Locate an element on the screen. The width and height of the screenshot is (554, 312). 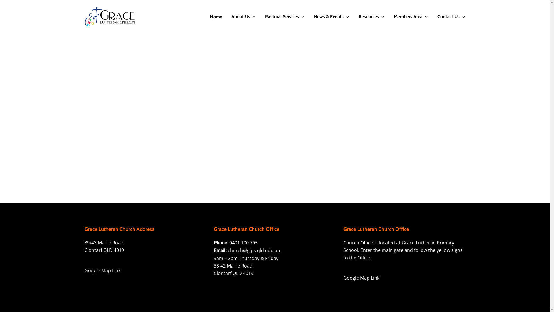
'News & Events' is located at coordinates (314, 16).